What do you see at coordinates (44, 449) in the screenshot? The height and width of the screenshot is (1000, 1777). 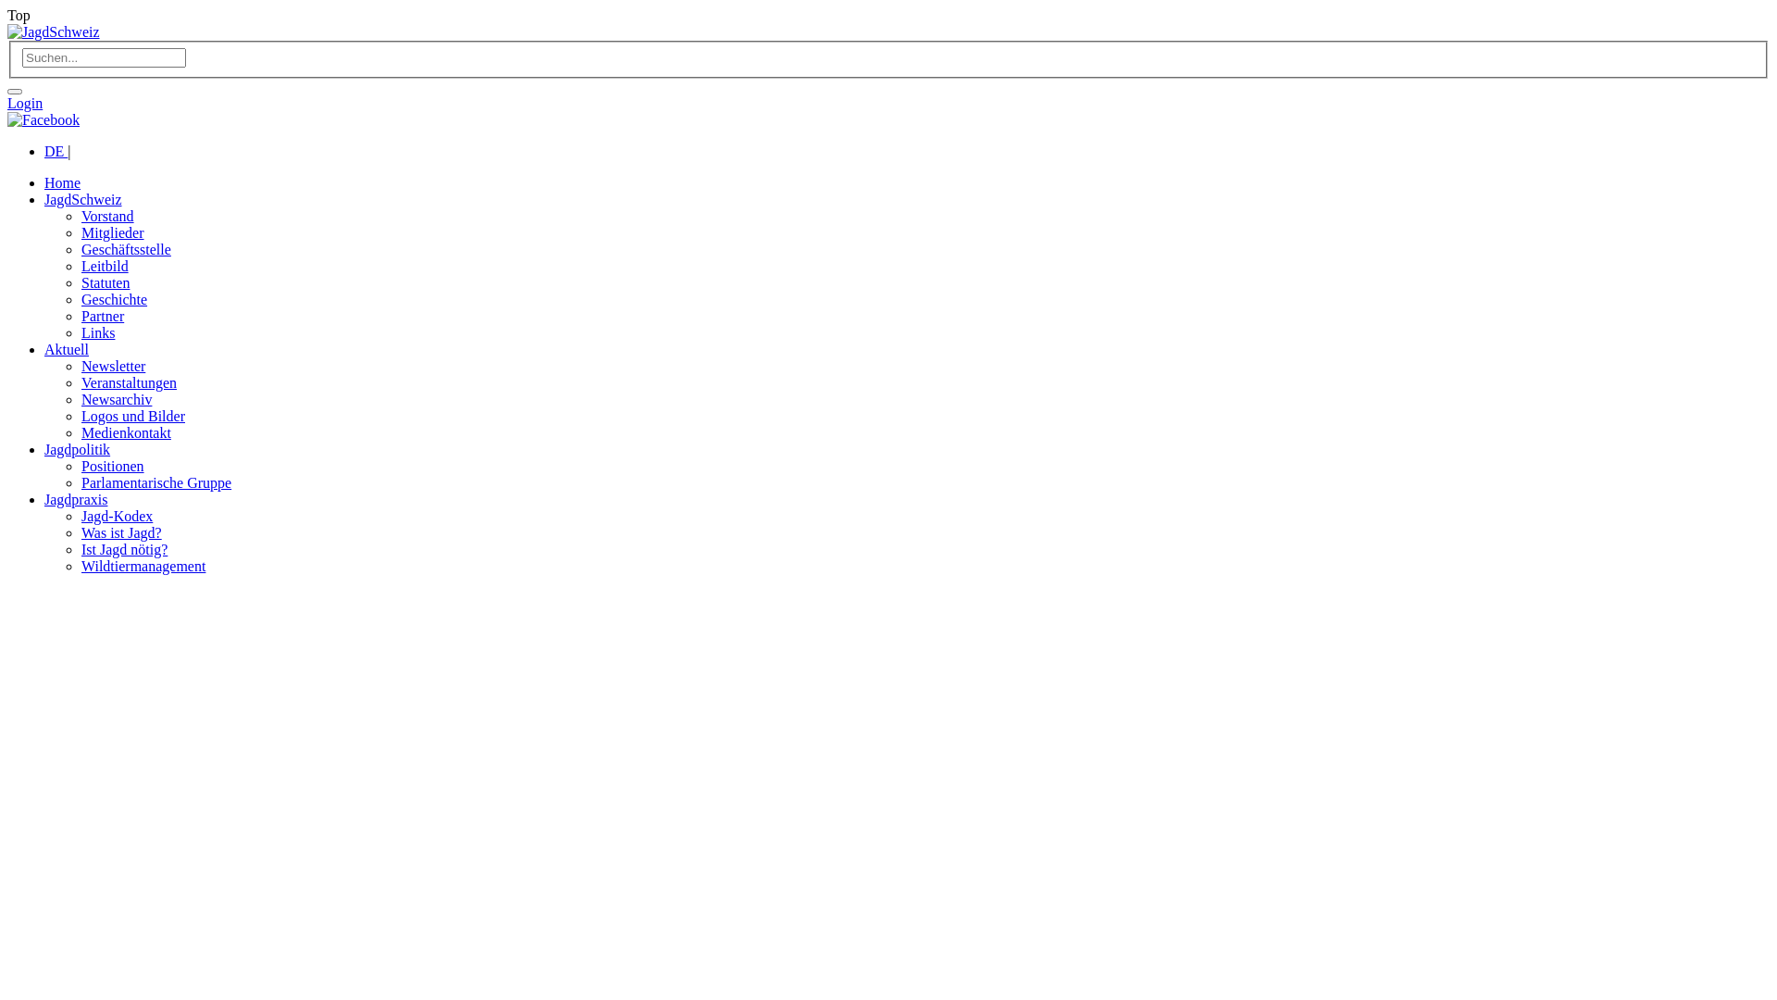 I see `'Jagdpolitik'` at bounding box center [44, 449].